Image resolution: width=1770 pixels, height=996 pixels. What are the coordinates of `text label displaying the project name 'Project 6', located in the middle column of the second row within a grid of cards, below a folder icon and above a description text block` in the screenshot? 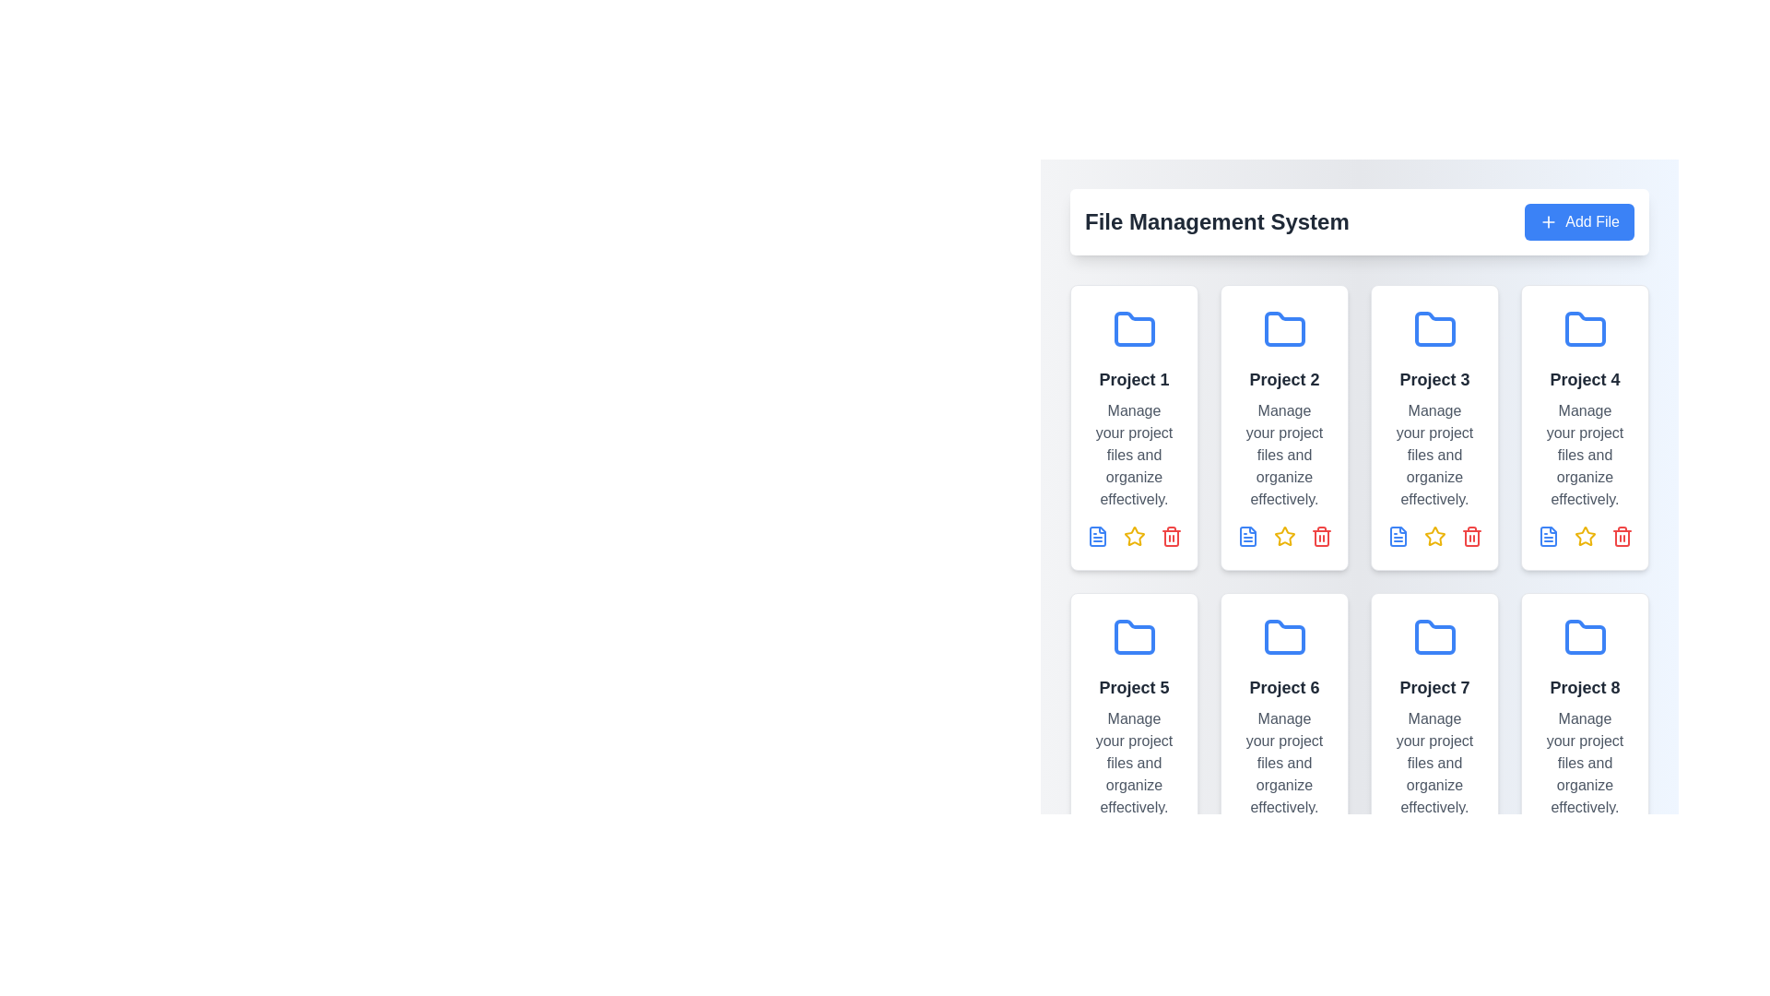 It's located at (1283, 687).